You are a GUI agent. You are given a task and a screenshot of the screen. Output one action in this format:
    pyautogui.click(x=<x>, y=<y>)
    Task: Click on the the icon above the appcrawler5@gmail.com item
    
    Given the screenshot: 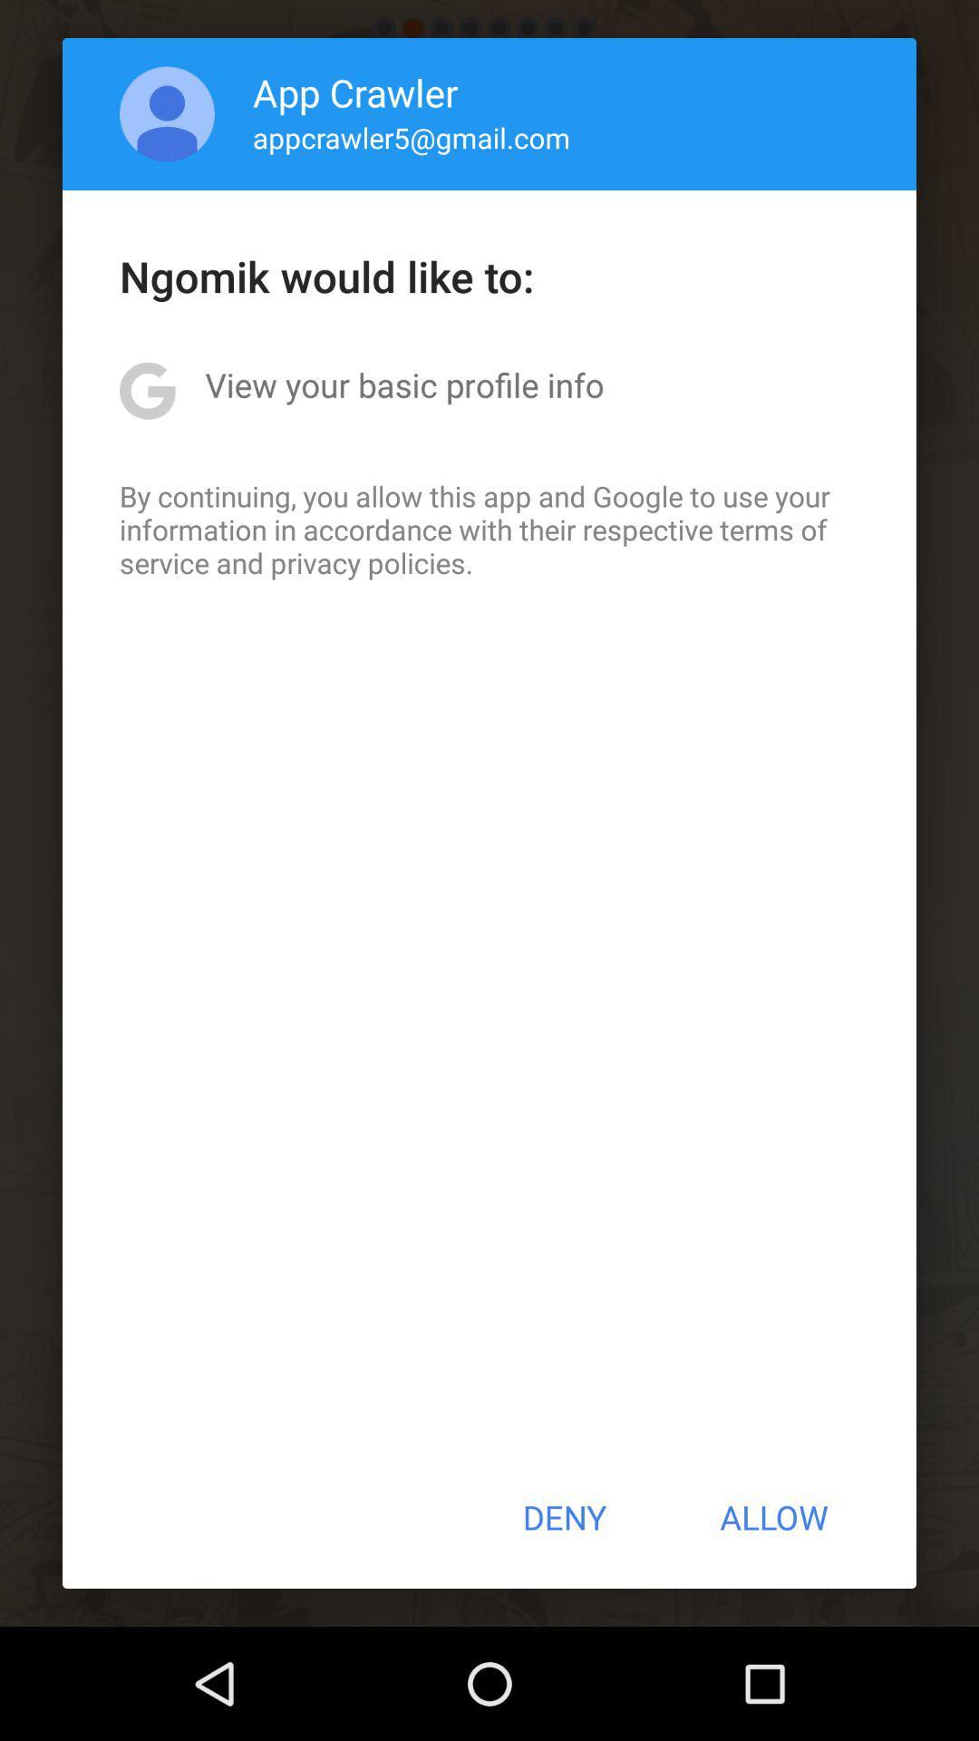 What is the action you would take?
    pyautogui.click(x=355, y=91)
    